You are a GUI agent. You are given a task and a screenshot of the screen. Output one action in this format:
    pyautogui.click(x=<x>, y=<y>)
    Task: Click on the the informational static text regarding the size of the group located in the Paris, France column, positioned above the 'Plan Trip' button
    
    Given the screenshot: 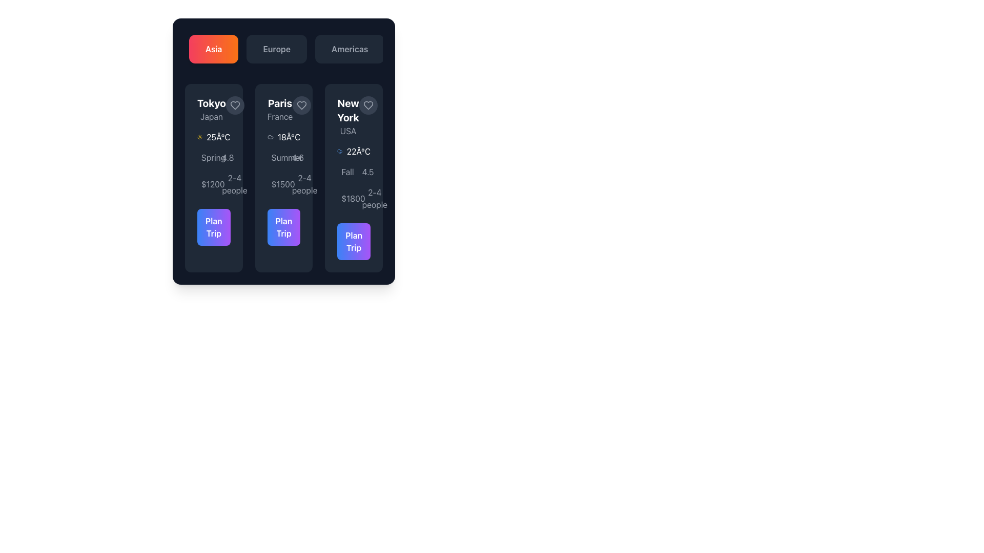 What is the action you would take?
    pyautogui.click(x=304, y=183)
    